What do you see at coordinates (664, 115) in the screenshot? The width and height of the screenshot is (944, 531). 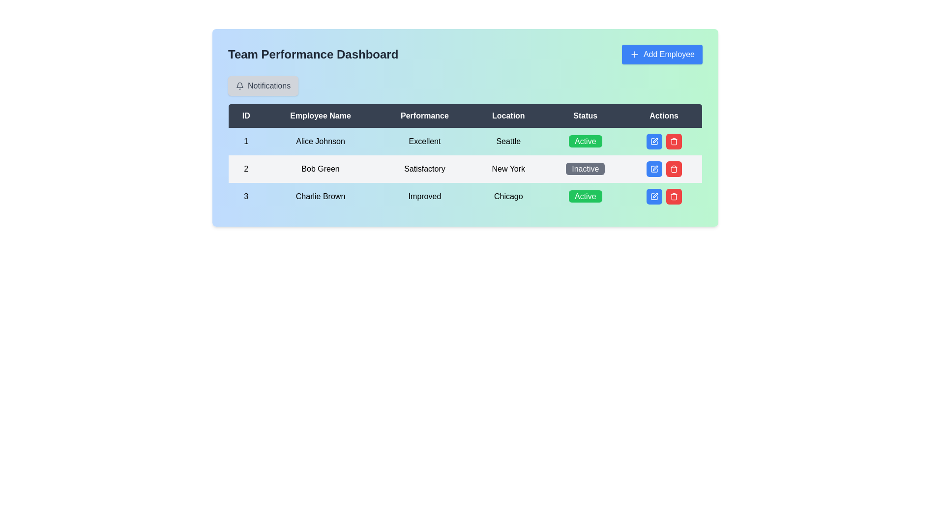 I see `the 'Actions' text label, which is styled with a dark background and white text, located in the header row above the data table` at bounding box center [664, 115].